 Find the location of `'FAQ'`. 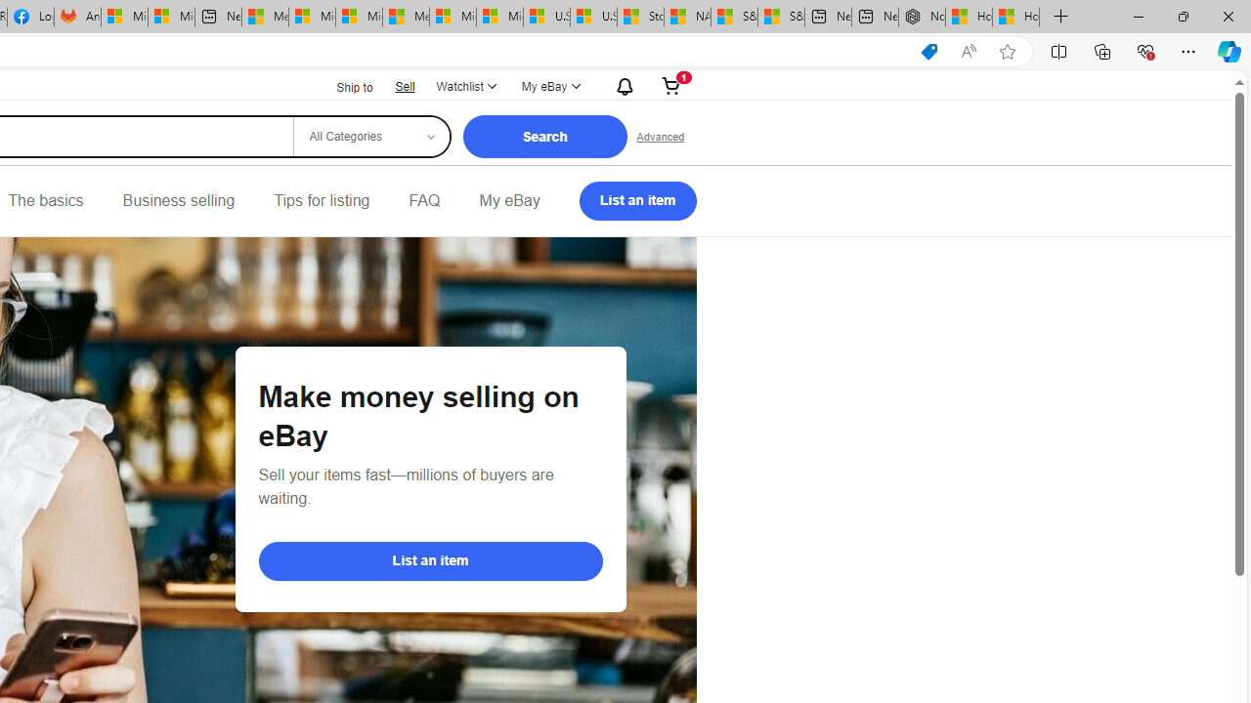

'FAQ' is located at coordinates (423, 200).